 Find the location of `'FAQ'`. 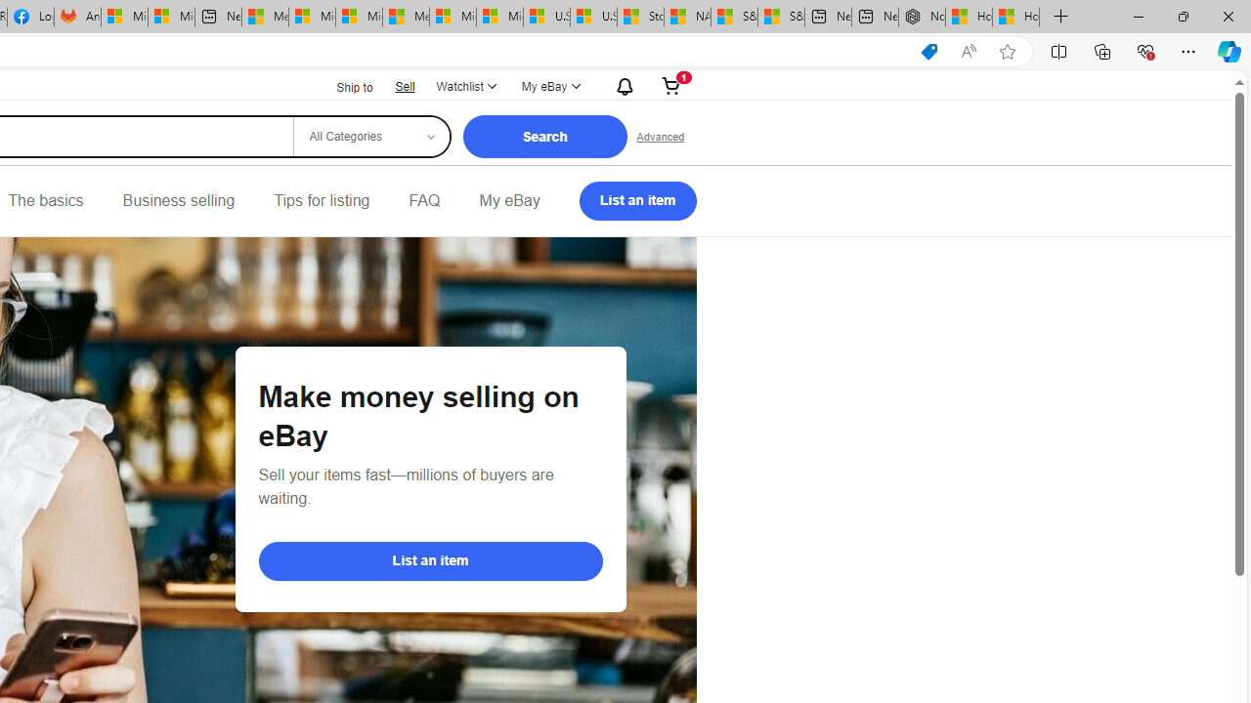

'FAQ' is located at coordinates (423, 200).